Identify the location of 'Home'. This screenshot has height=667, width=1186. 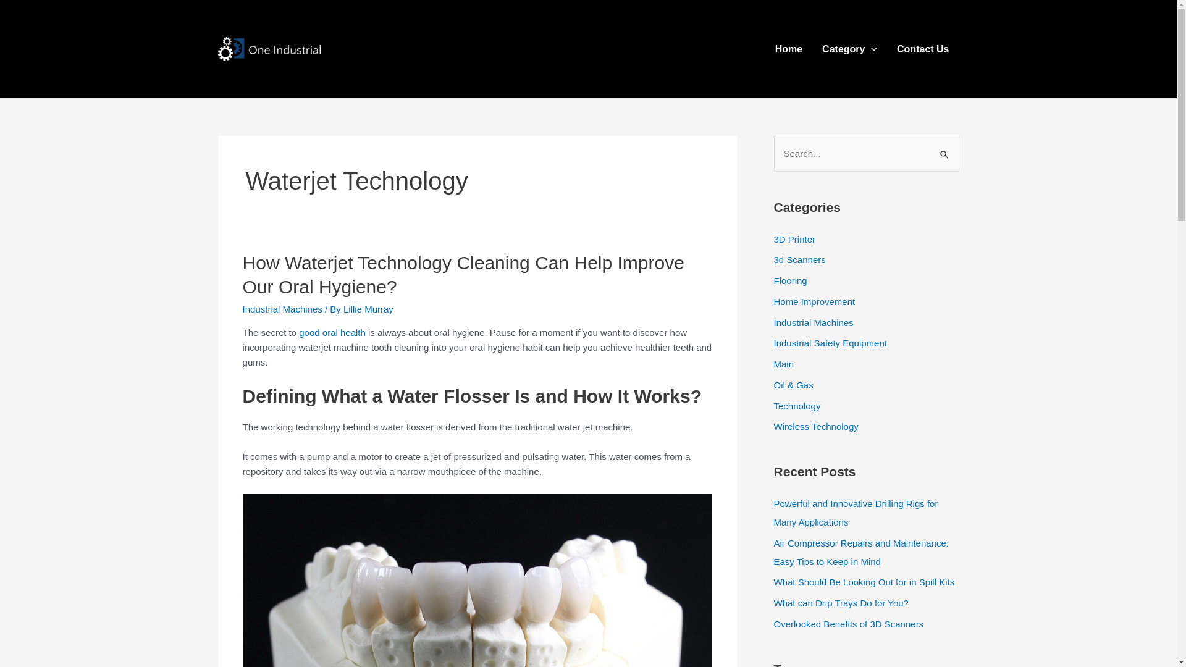
(764, 48).